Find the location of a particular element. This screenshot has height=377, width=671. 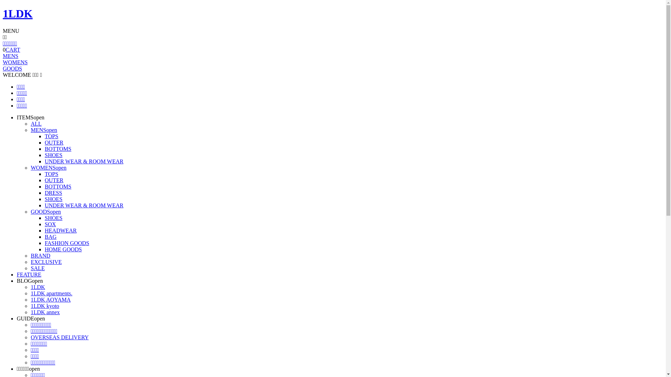

'1LDK AOYAMA' is located at coordinates (50, 299).